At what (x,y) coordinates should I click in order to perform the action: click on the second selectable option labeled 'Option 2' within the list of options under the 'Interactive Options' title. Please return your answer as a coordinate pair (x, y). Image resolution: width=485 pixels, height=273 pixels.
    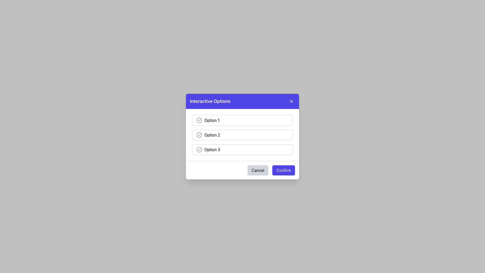
    Looking at the image, I should click on (243, 134).